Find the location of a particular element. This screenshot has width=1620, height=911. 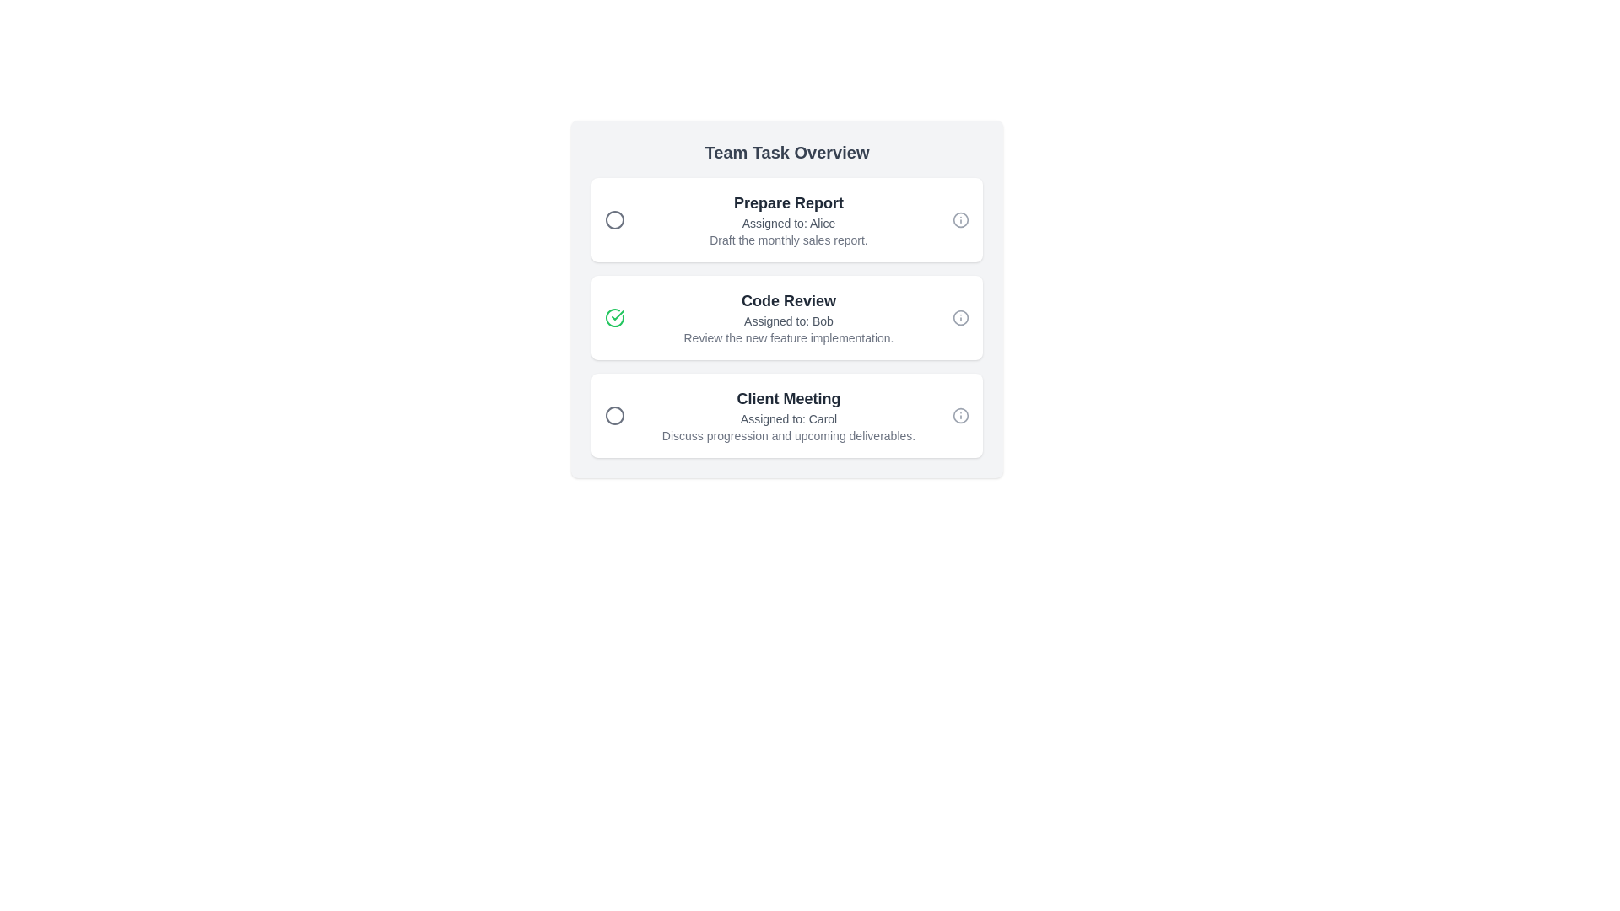

the Text Label element that reads 'Discuss progression and upcoming deliverables.' located within the 'Client Meeting' task box, positioned below 'Assigned to: Carol' is located at coordinates (788, 434).